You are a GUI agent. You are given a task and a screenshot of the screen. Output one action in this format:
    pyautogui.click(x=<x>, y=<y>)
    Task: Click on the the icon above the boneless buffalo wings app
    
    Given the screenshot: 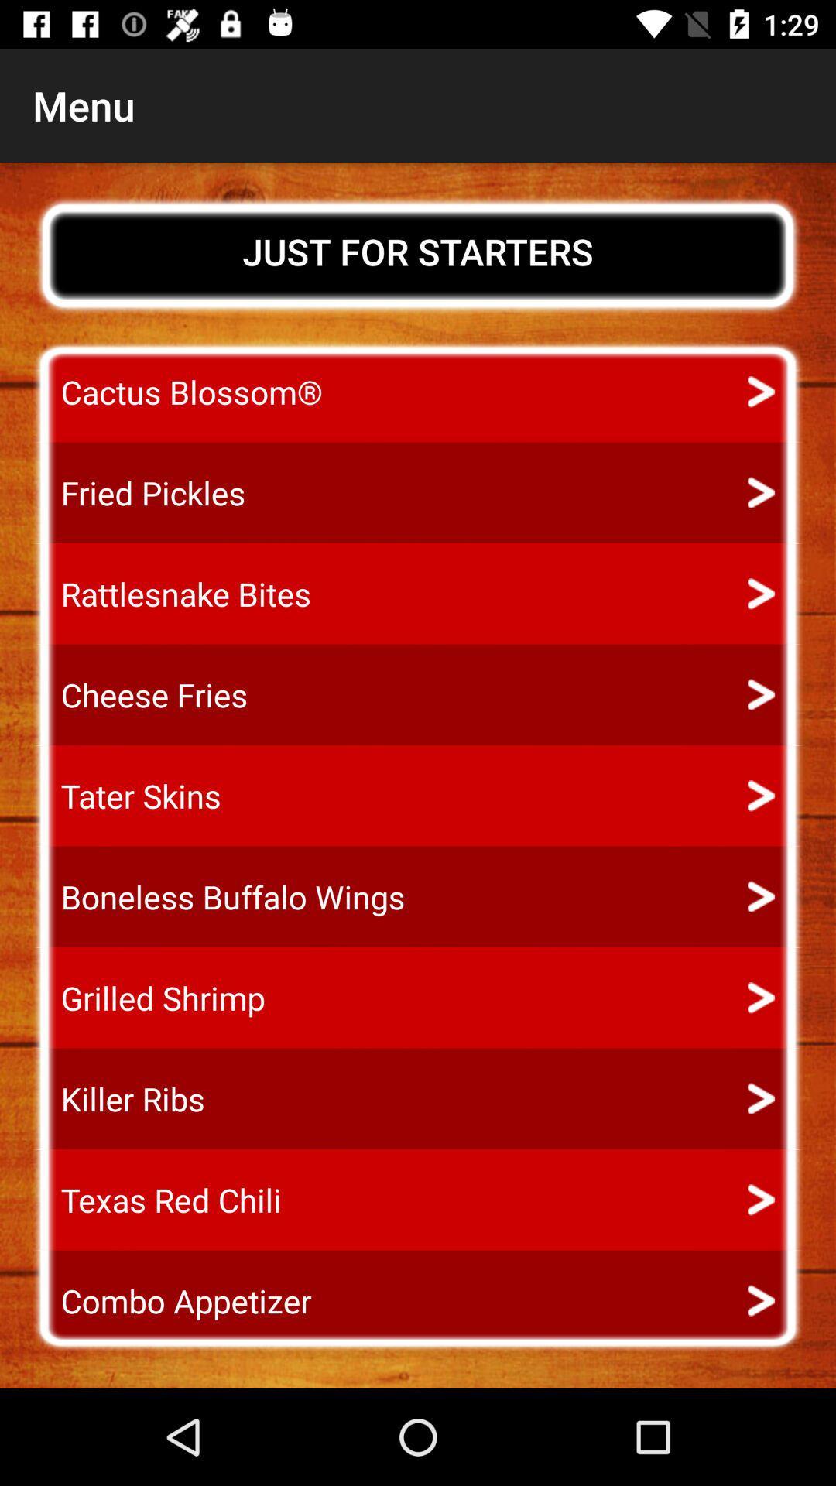 What is the action you would take?
    pyautogui.click(x=125, y=796)
    